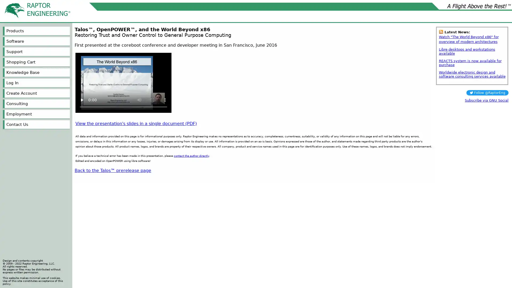  I want to click on play, so click(82, 100).